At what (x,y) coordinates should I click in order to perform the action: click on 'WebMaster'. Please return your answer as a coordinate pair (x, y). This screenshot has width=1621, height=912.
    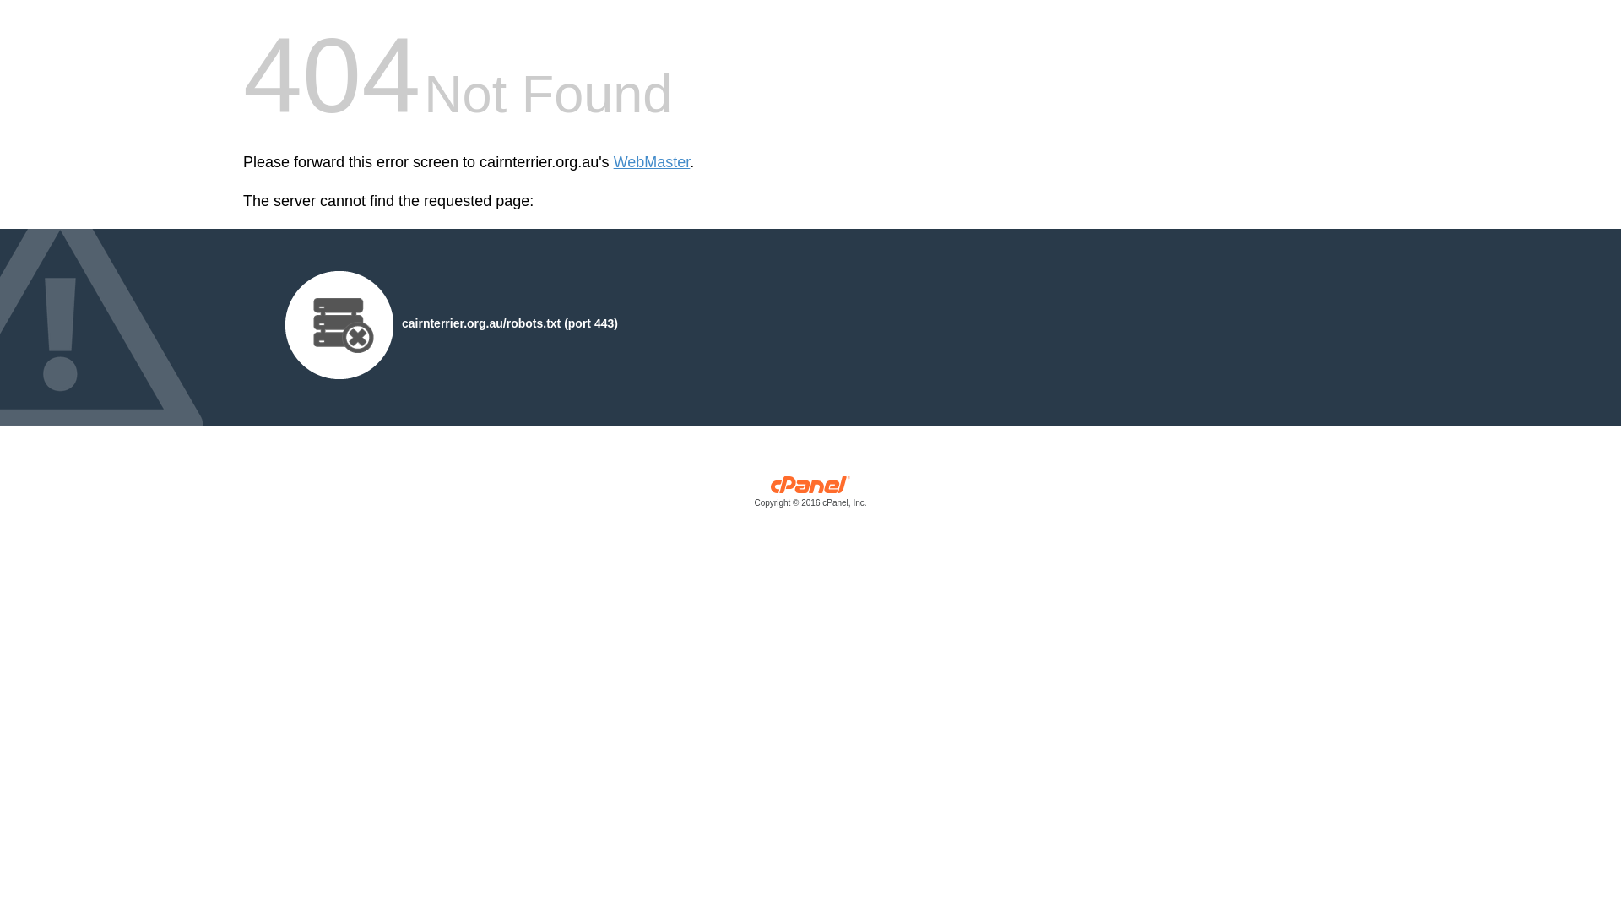
    Looking at the image, I should click on (612, 162).